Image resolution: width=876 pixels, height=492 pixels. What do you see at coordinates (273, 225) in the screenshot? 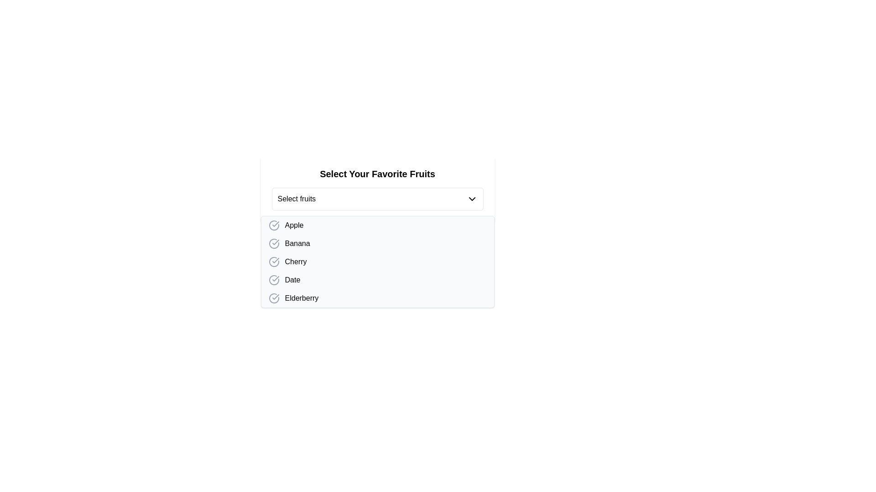
I see `the checkbox icon indicating the selection state of 'Apple'` at bounding box center [273, 225].